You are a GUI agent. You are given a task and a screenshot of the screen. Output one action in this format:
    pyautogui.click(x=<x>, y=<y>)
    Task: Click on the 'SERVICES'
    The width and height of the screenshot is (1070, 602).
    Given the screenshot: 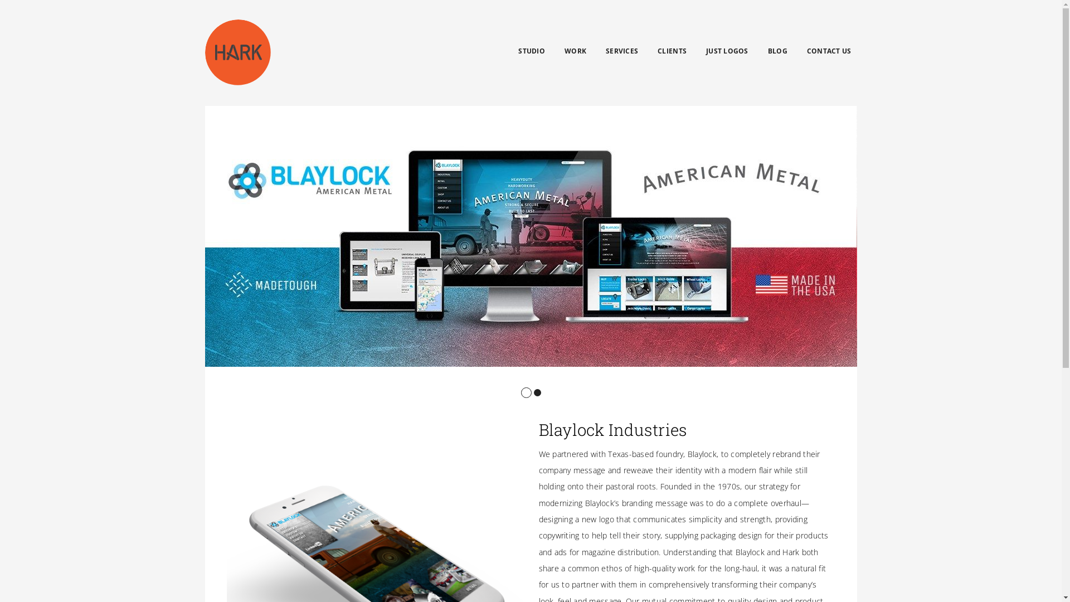 What is the action you would take?
    pyautogui.click(x=621, y=51)
    